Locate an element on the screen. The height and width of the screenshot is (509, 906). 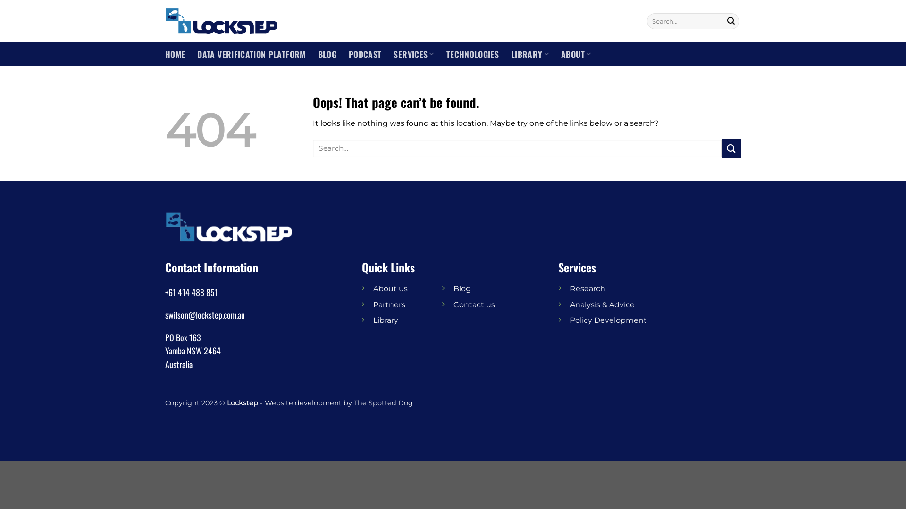
'Policy Development' is located at coordinates (608, 320).